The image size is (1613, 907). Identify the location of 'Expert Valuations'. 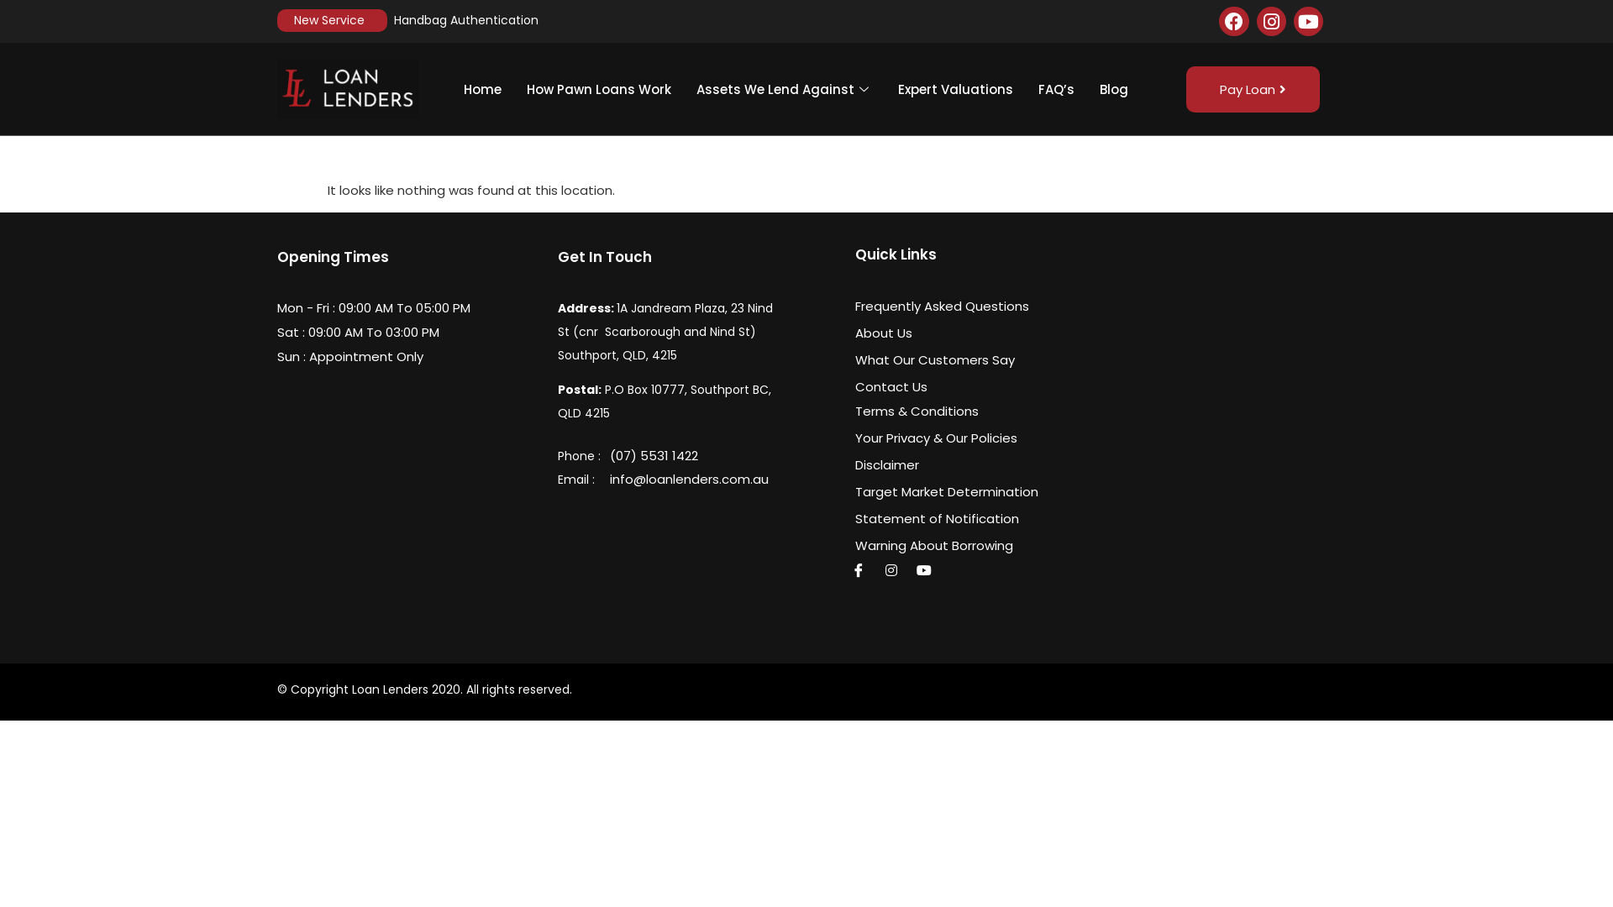
(885, 88).